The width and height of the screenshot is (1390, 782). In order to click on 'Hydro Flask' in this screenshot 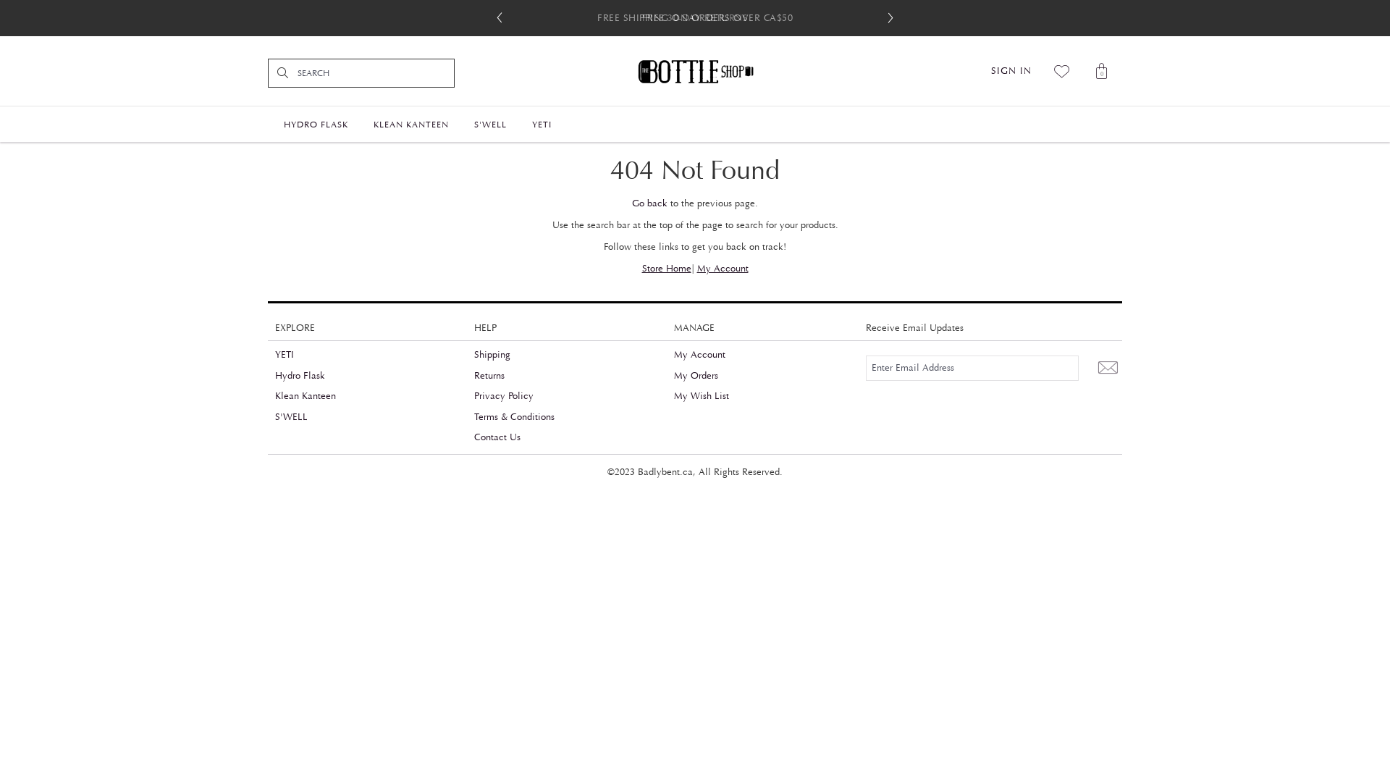, I will do `click(299, 375)`.